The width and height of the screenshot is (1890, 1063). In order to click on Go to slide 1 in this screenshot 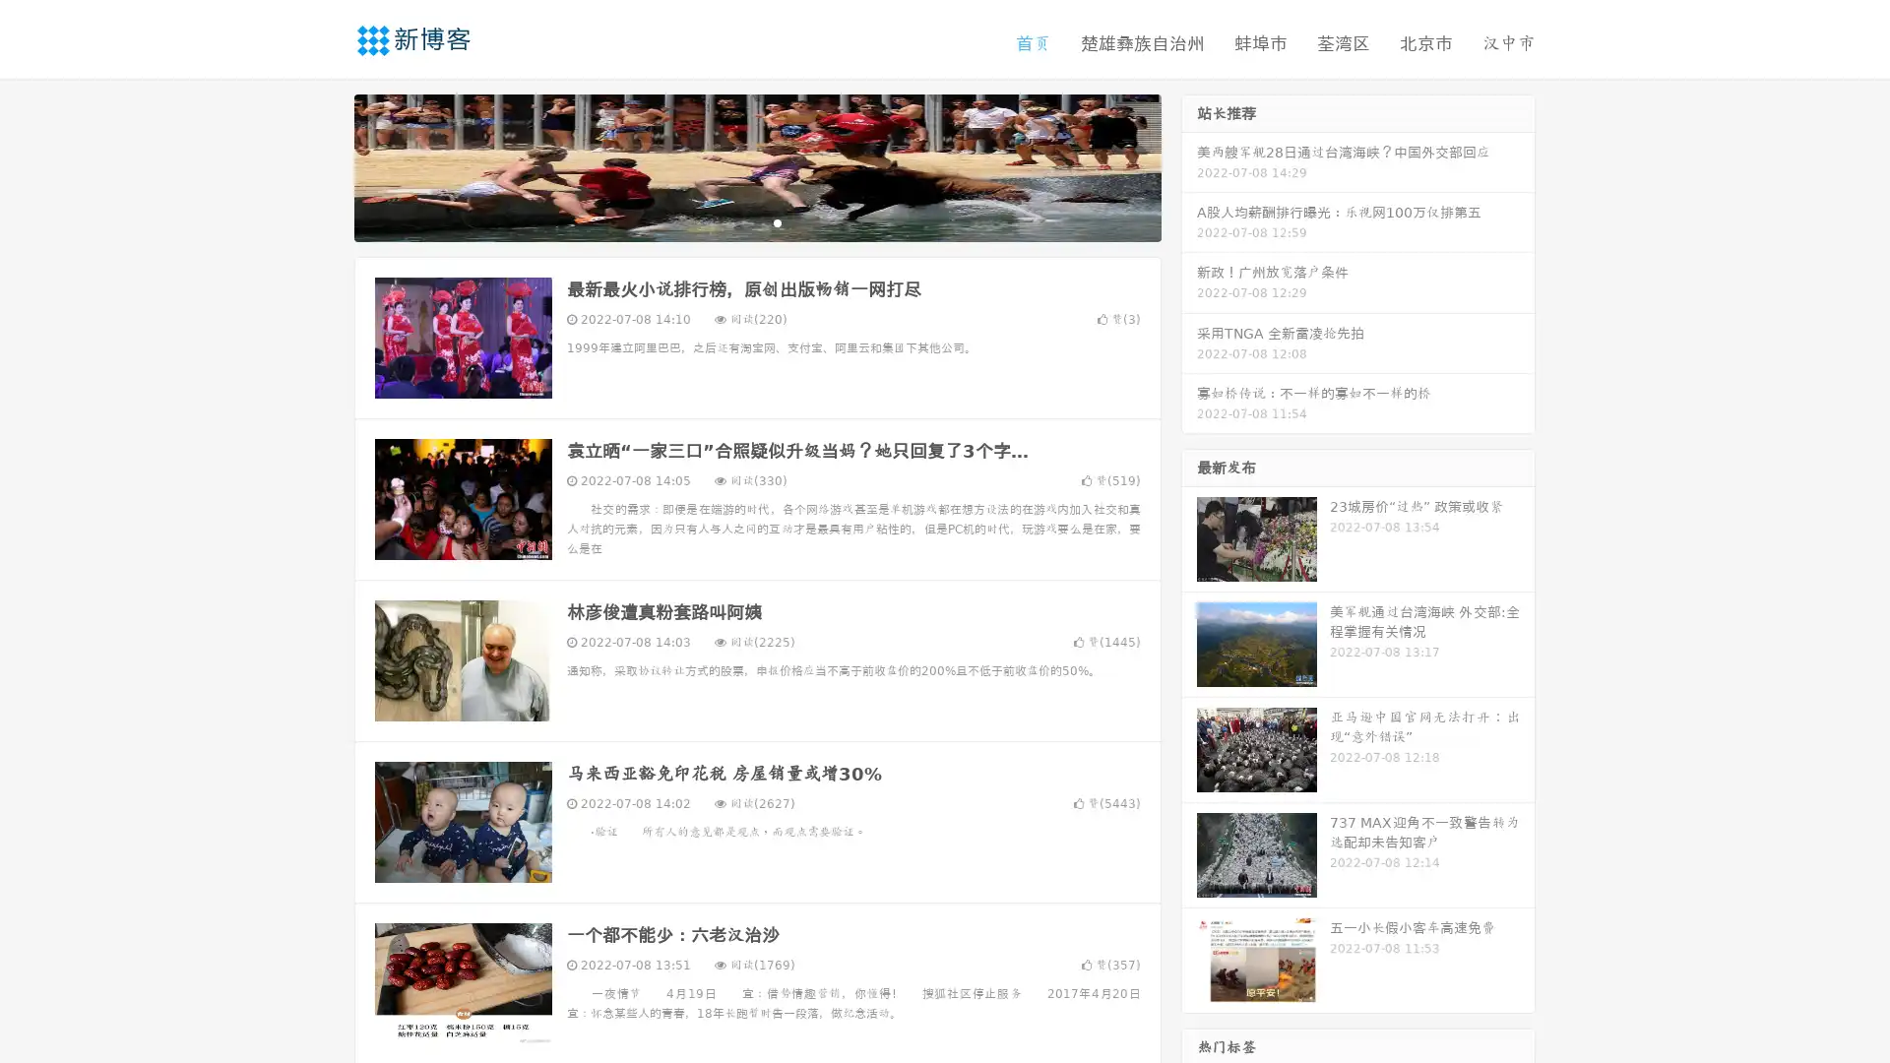, I will do `click(736, 221)`.